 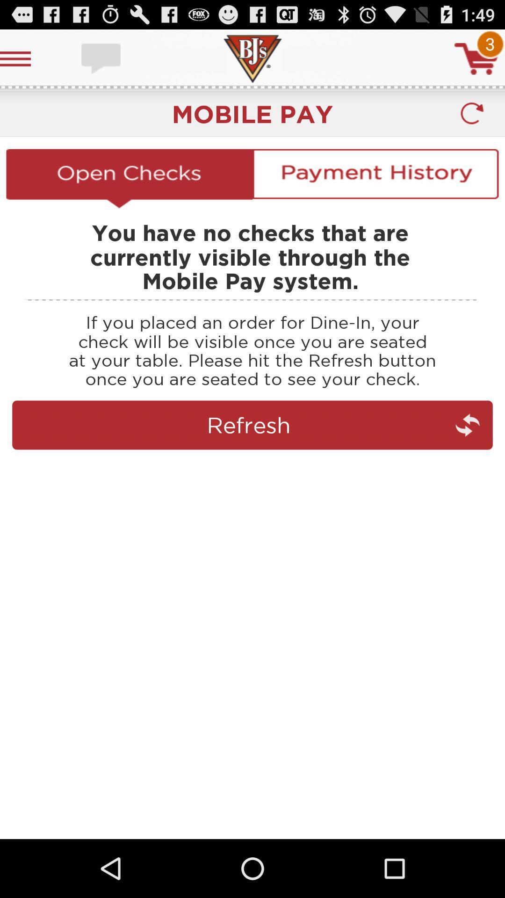 What do you see at coordinates (375, 178) in the screenshot?
I see `payment history` at bounding box center [375, 178].